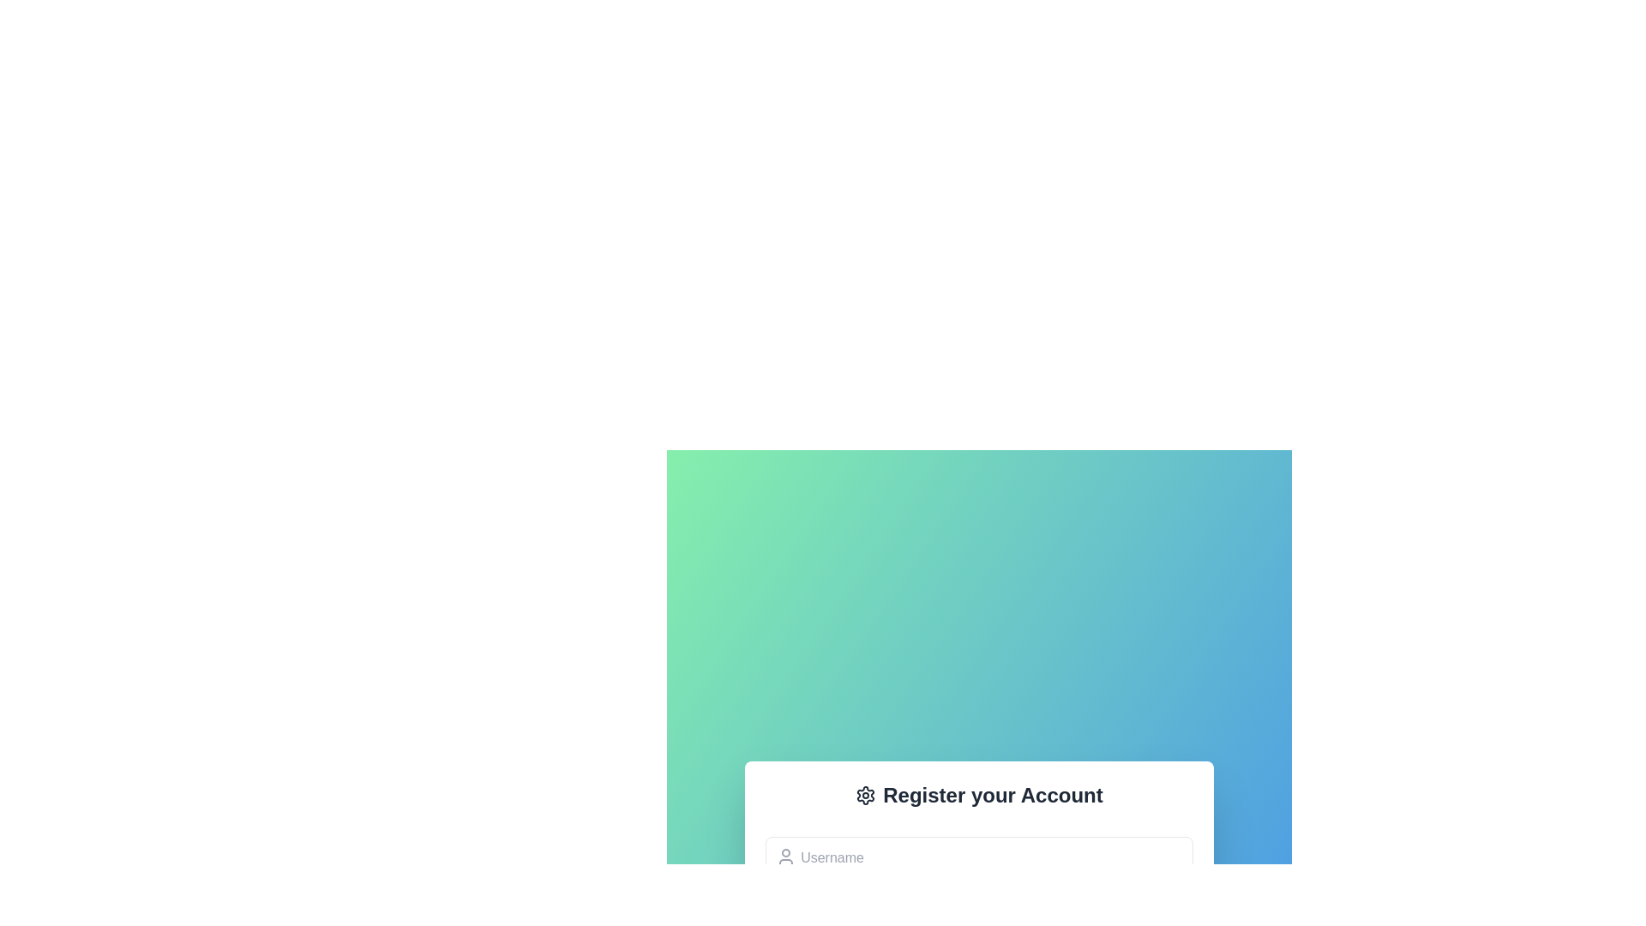 The image size is (1646, 926). Describe the element at coordinates (785, 857) in the screenshot. I see `the visual indicator icon that represents the username input field, located to the left of the 'Username' input field` at that location.